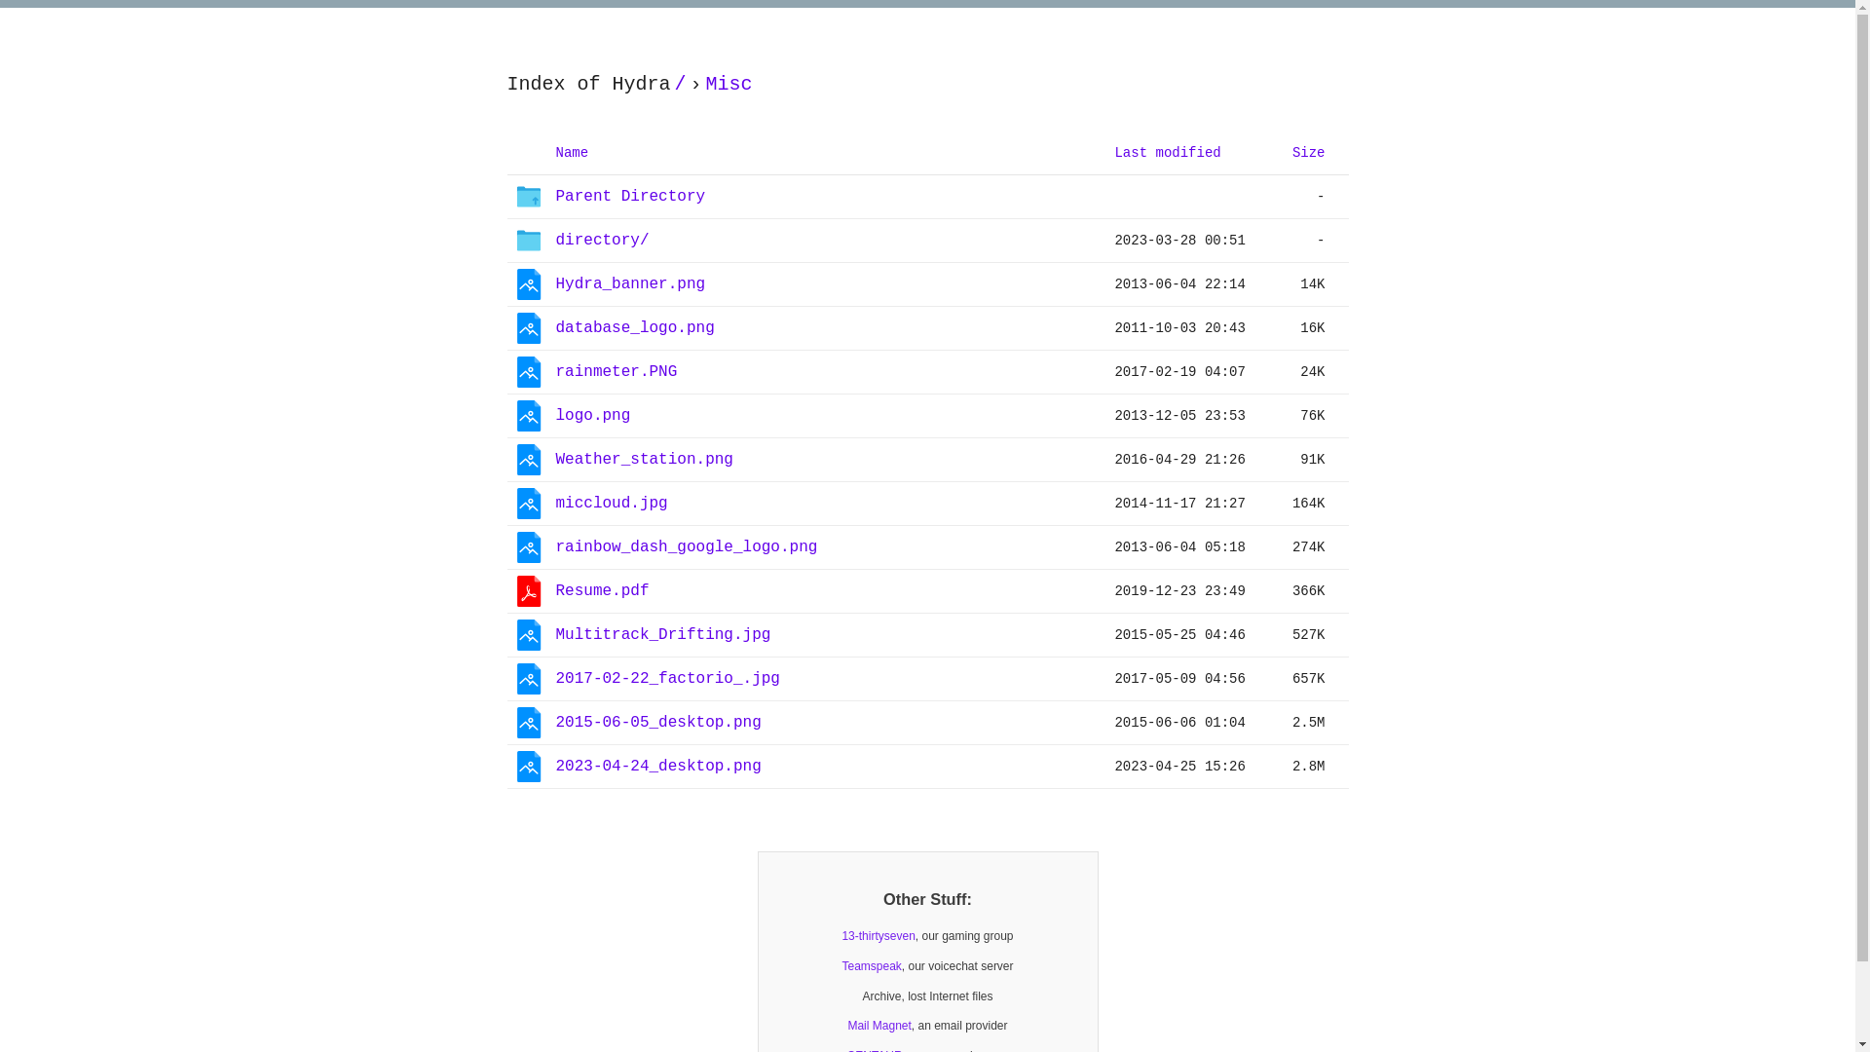 Image resolution: width=1870 pixels, height=1052 pixels. I want to click on 'Size', so click(1309, 151).